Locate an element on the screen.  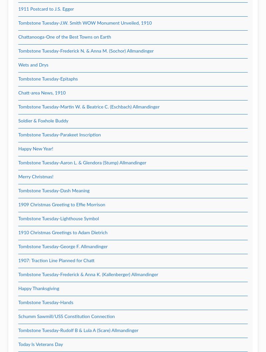
'1911 Postcard to J.S. Egger' is located at coordinates (46, 9).